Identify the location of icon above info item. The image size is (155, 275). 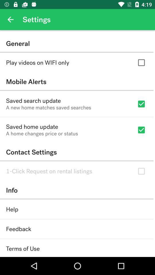
(49, 171).